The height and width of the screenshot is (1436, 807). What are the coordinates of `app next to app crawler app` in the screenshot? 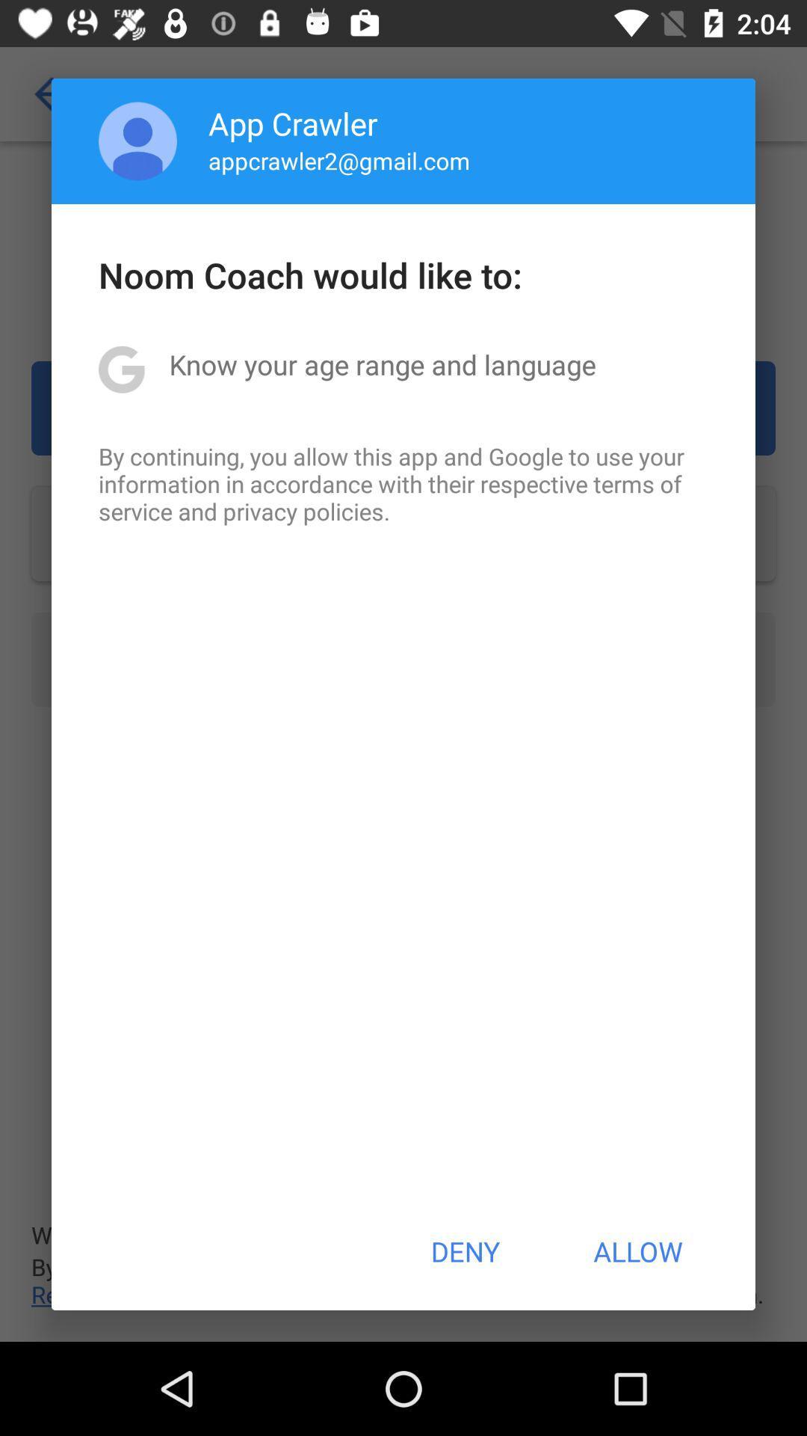 It's located at (137, 141).